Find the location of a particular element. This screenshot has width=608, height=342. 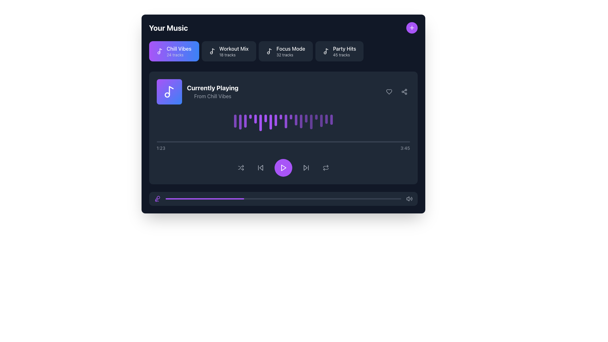

the decorative circular element that represents the lower part of the music note icon is located at coordinates (167, 95).